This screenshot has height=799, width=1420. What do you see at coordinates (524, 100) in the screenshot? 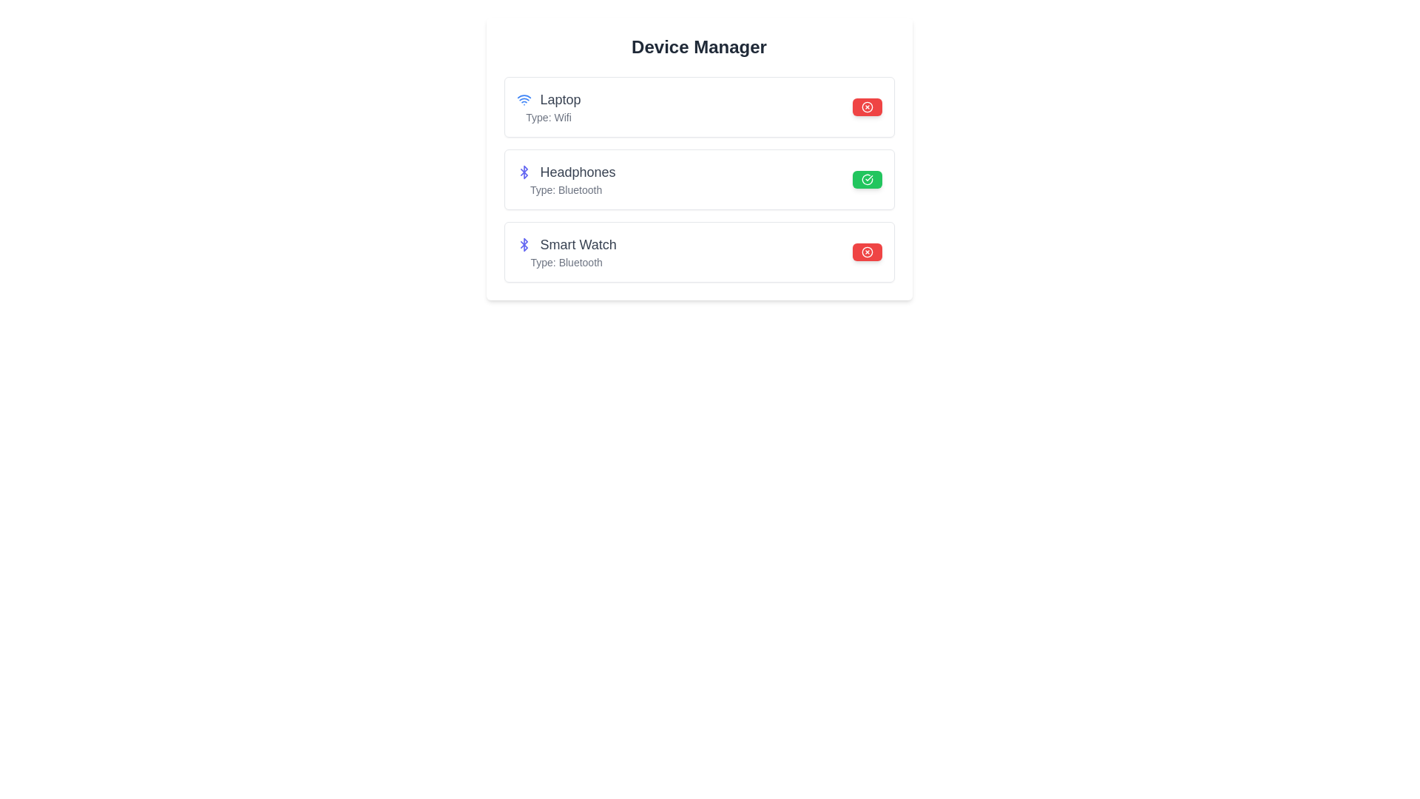
I see `the WiFi icon located to the left of the 'Laptop' text label, which indicates the WiFi connection type for the Laptop entry` at bounding box center [524, 100].